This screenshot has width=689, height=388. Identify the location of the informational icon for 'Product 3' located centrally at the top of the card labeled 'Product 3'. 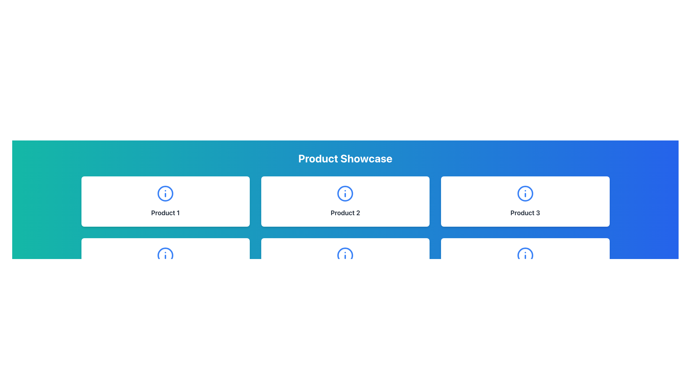
(525, 193).